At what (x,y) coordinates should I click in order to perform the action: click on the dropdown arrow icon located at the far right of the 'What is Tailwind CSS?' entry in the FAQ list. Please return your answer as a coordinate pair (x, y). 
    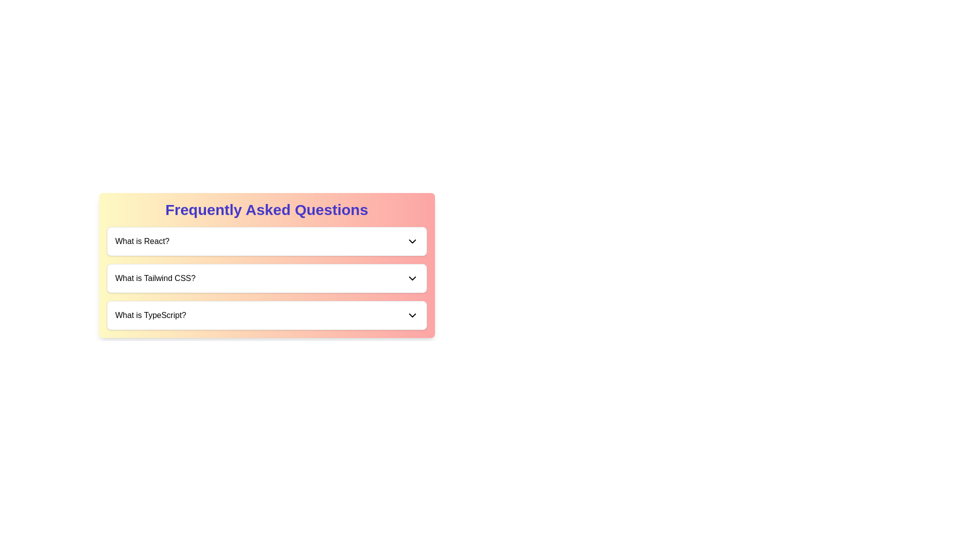
    Looking at the image, I should click on (412, 278).